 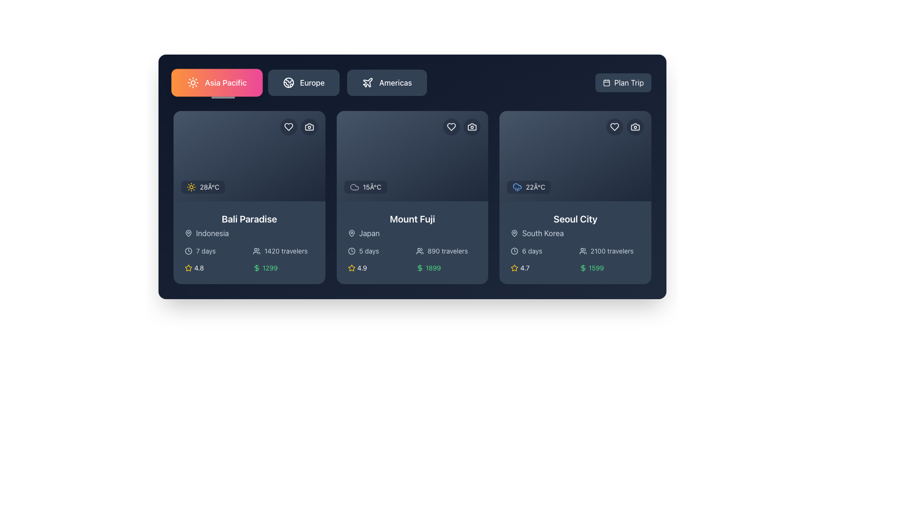 I want to click on the numeric text '1599' styled in green, which represents the price on the 'Seoul City' card, located to the right of a green dollar icon, so click(x=595, y=268).